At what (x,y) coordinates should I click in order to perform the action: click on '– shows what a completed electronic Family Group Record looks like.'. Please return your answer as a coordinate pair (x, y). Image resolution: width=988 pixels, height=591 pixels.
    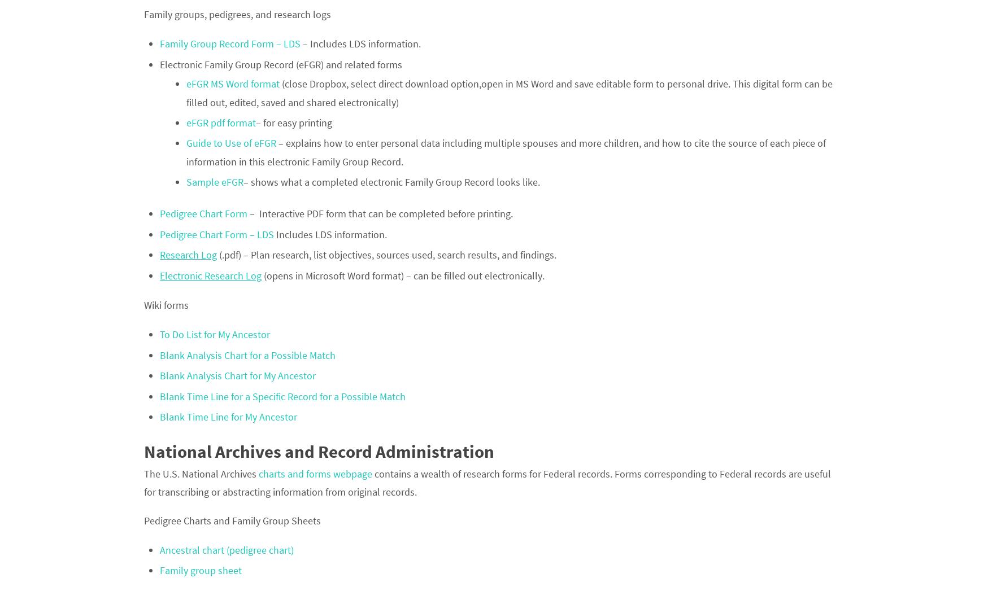
    Looking at the image, I should click on (391, 181).